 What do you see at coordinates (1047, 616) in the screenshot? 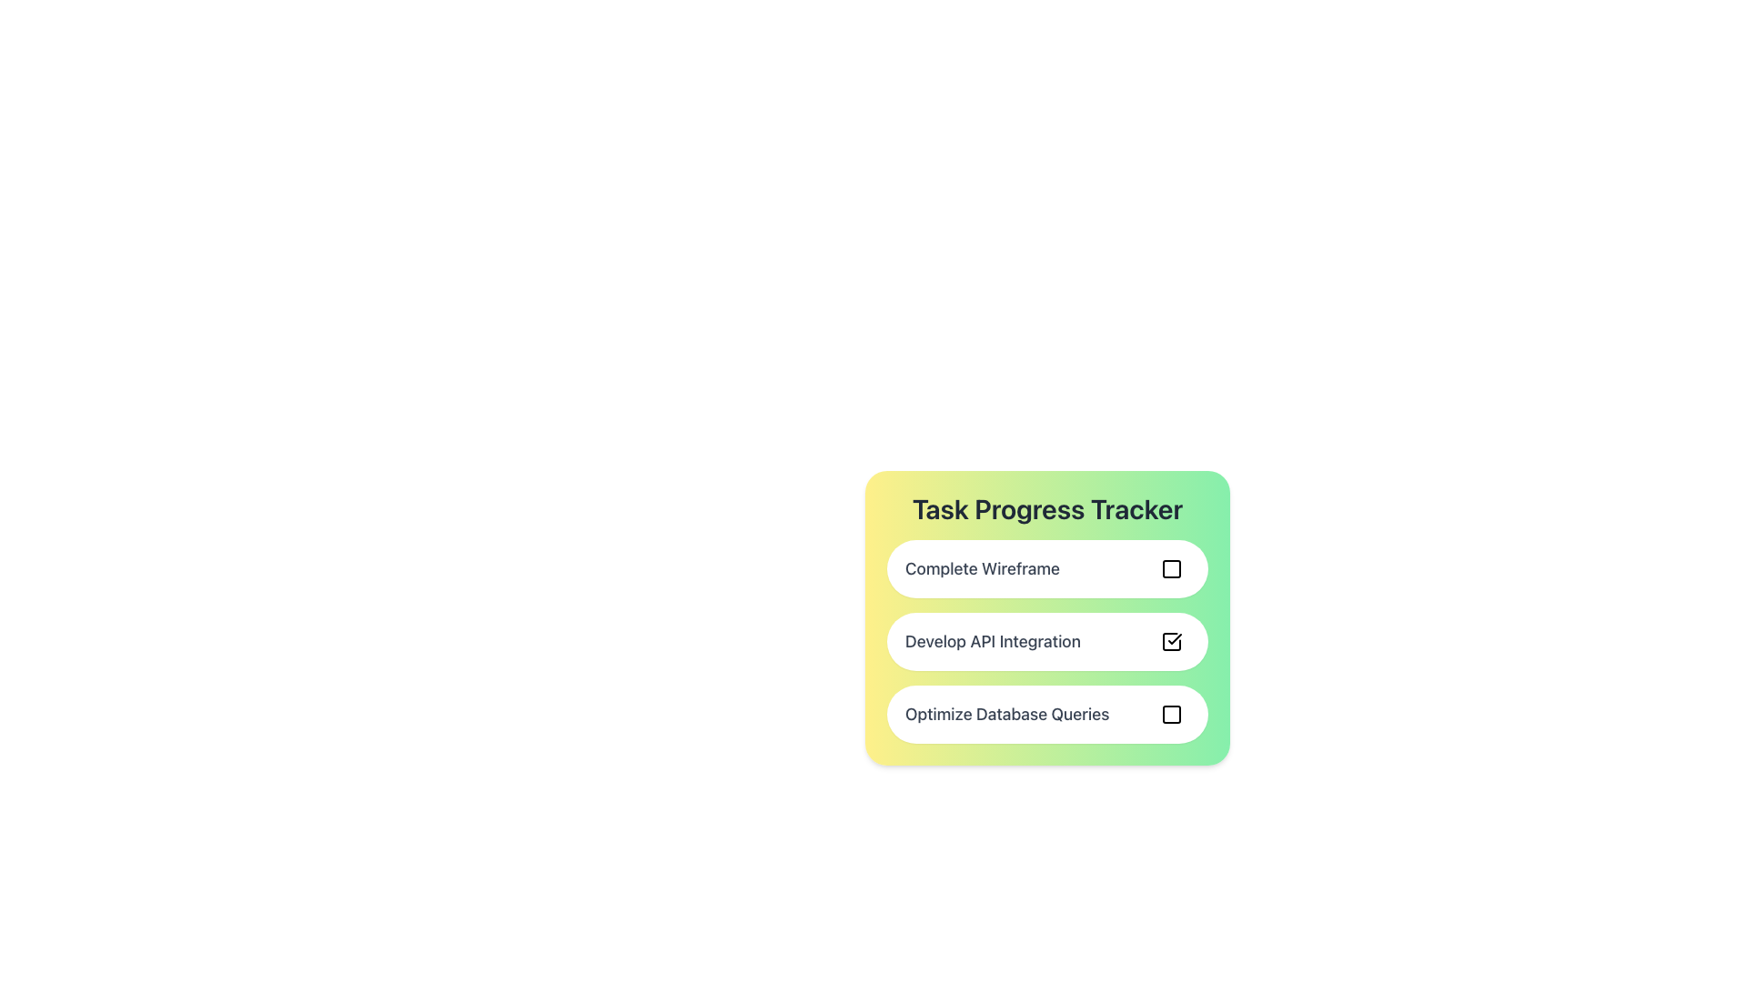
I see `the second task block labeled 'Develop API Integration' within the 'Task Progress Tracker' card` at bounding box center [1047, 616].